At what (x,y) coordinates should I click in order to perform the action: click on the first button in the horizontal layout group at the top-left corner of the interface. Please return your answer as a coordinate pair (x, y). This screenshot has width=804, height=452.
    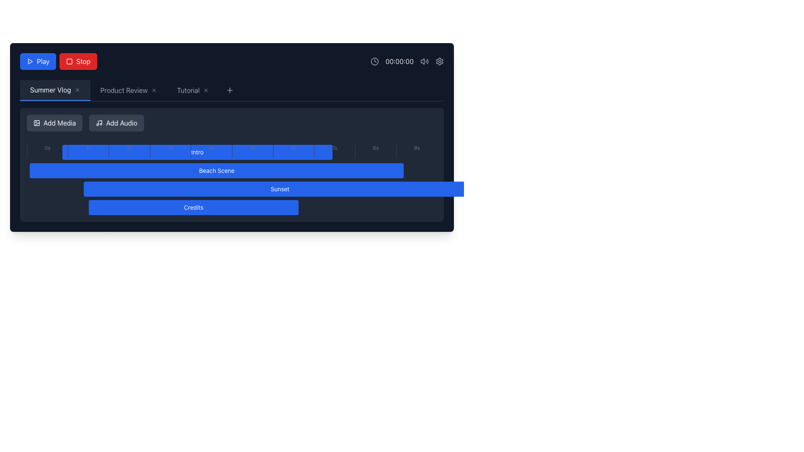
    Looking at the image, I should click on (38, 61).